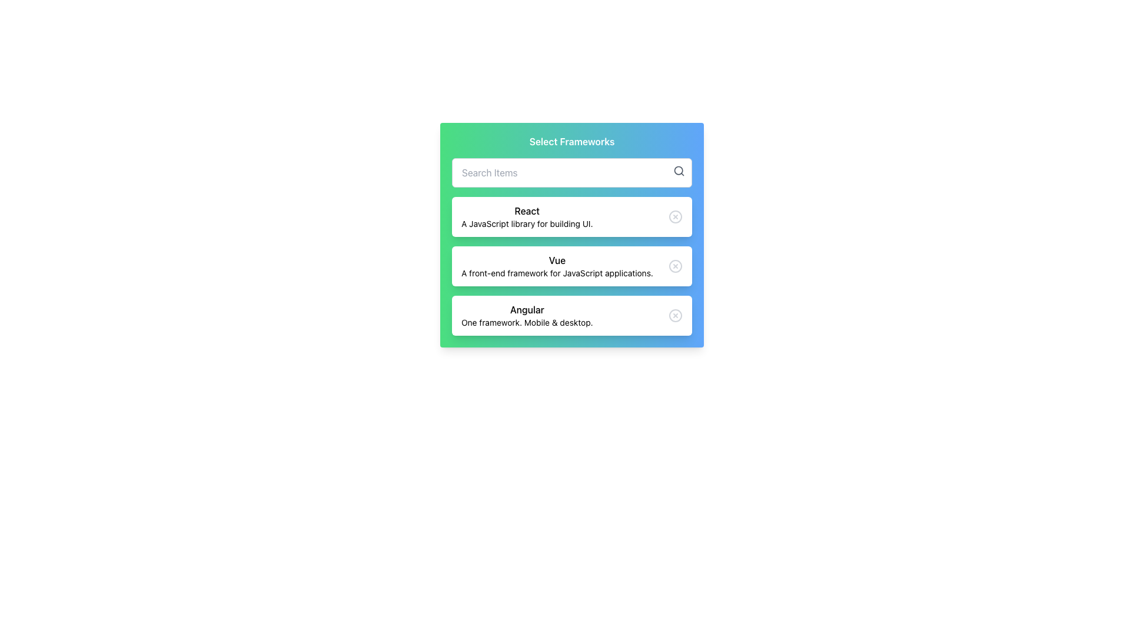 Image resolution: width=1130 pixels, height=635 pixels. I want to click on the text element displaying 'Angular' within the 'Select Frameworks' card, so click(526, 315).